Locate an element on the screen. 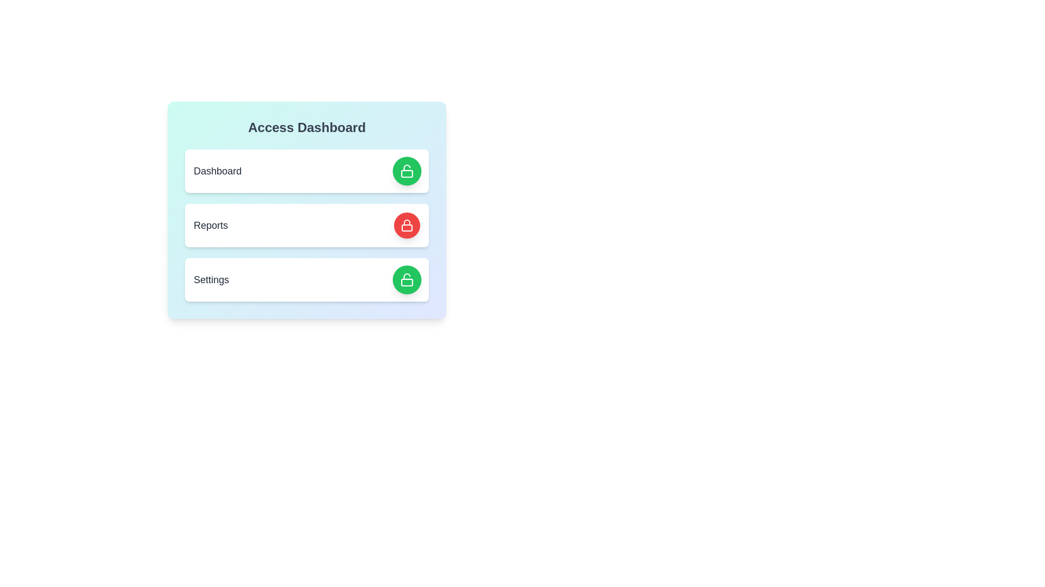  toggle button for the Settings section is located at coordinates (407, 279).